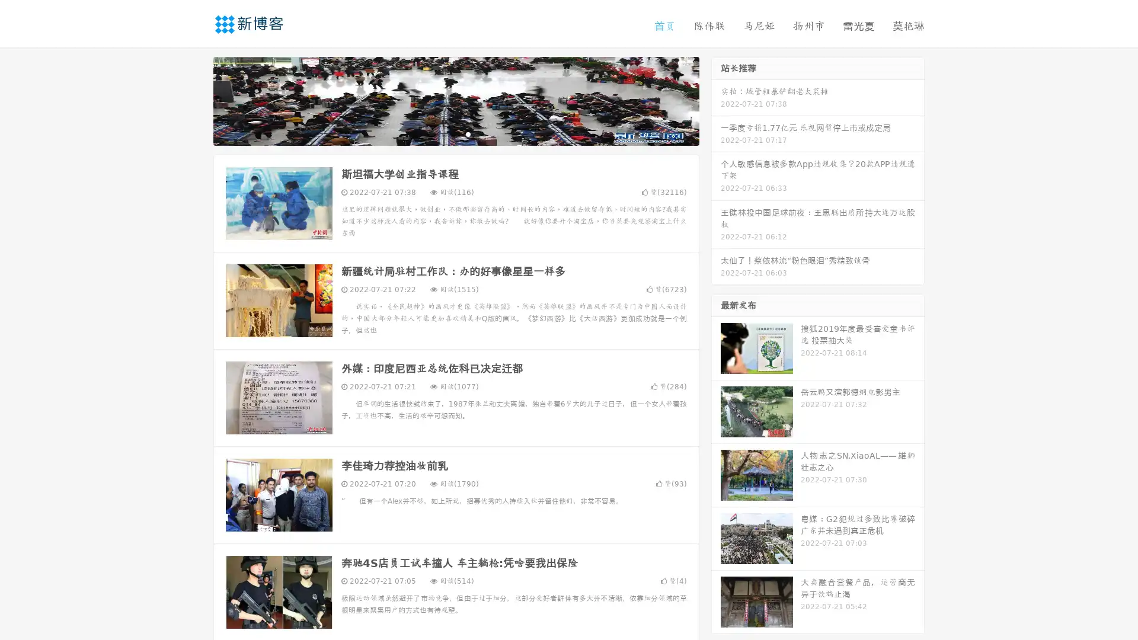  I want to click on Go to slide 3, so click(468, 133).